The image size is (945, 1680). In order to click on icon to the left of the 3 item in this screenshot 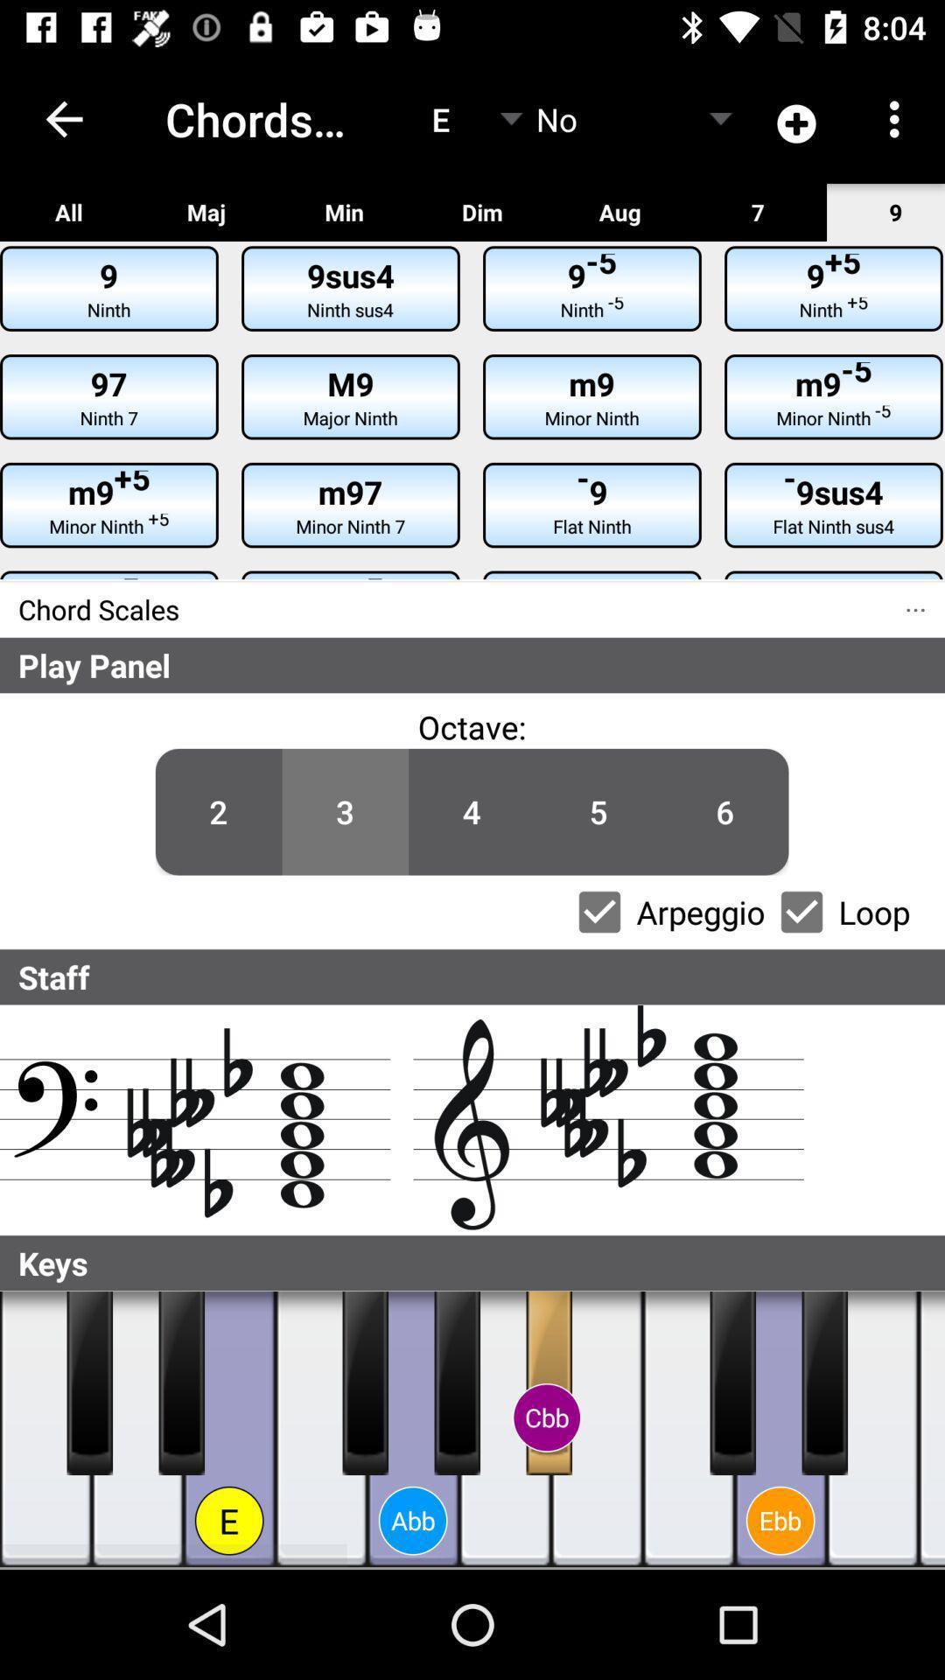, I will do `click(218, 811)`.